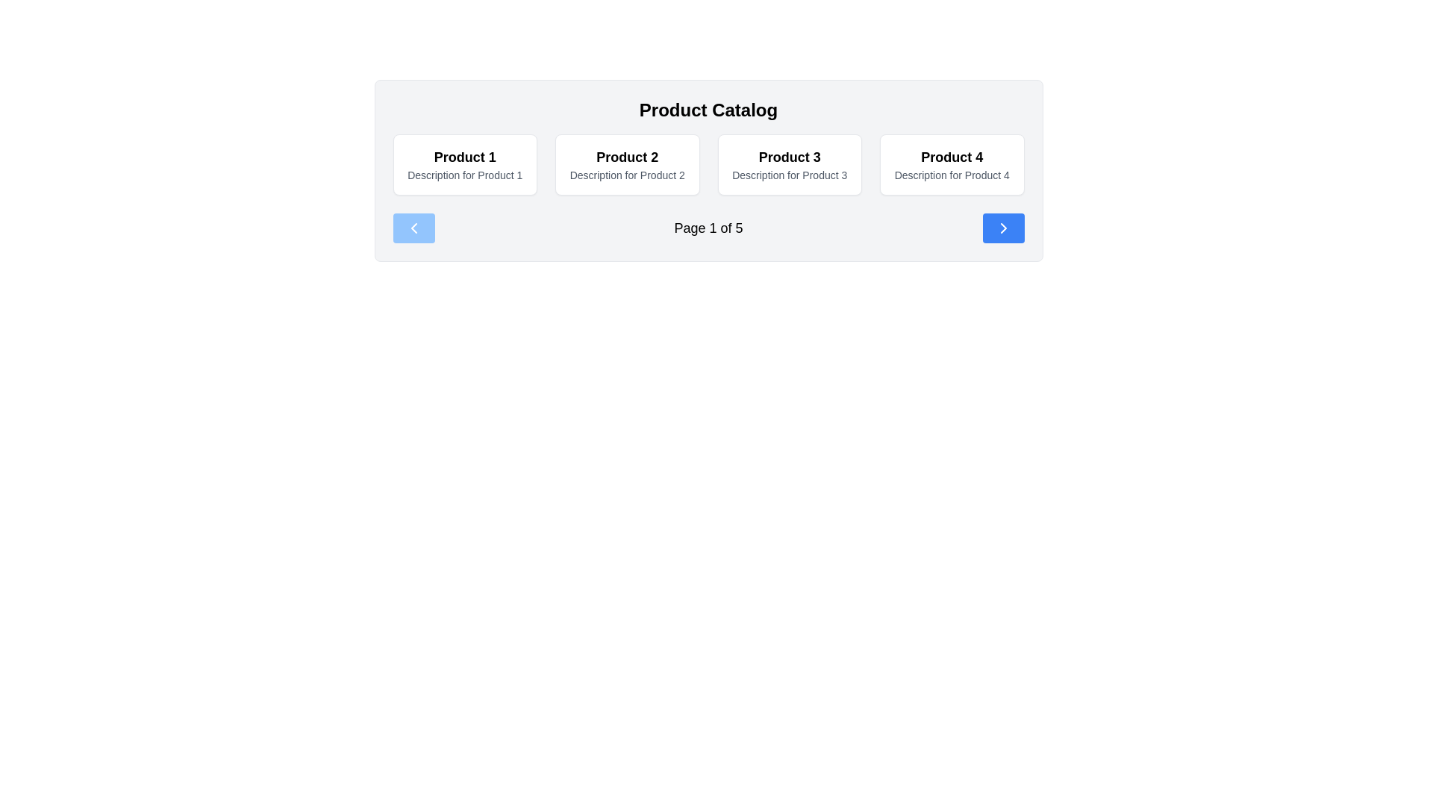 This screenshot has width=1433, height=806. I want to click on the blue button containing the left-facing chevron icon located at the bottom-left corner of the pagination navigation bar to potentially view a tooltip, so click(413, 228).